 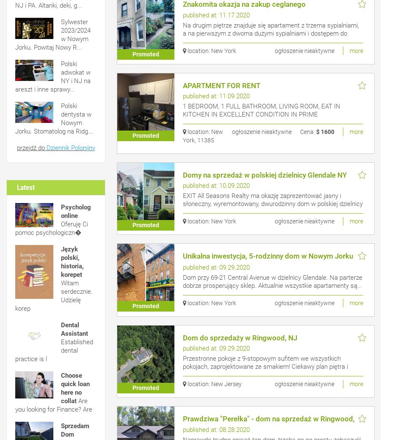 What do you see at coordinates (267, 259) in the screenshot?
I see `'Unikalna inwestycja, 5-rodzinny dom w Nowym Jorku na sprzedaż'` at bounding box center [267, 259].